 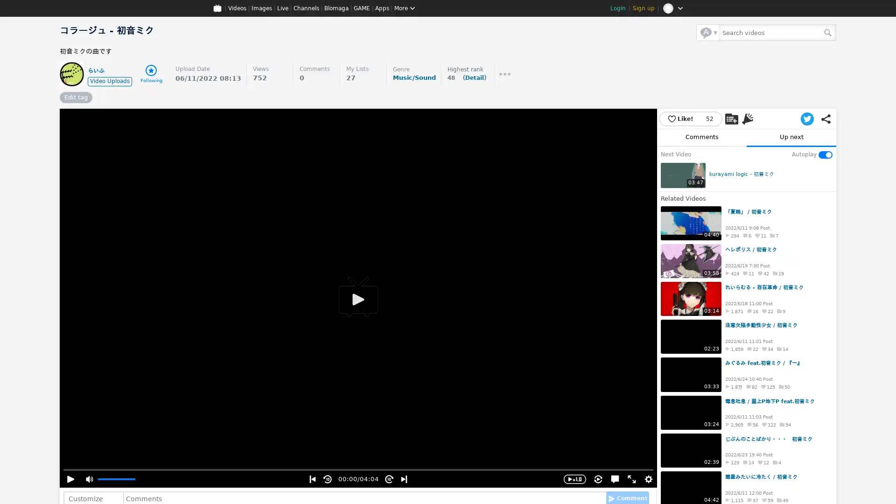 I want to click on Skip 10sec, so click(x=389, y=479).